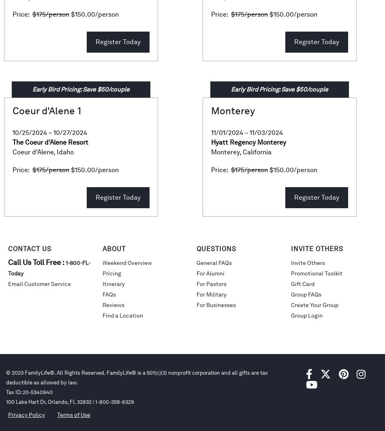 This screenshot has width=385, height=431. What do you see at coordinates (8, 262) in the screenshot?
I see `'Call Us Toll Free :'` at bounding box center [8, 262].